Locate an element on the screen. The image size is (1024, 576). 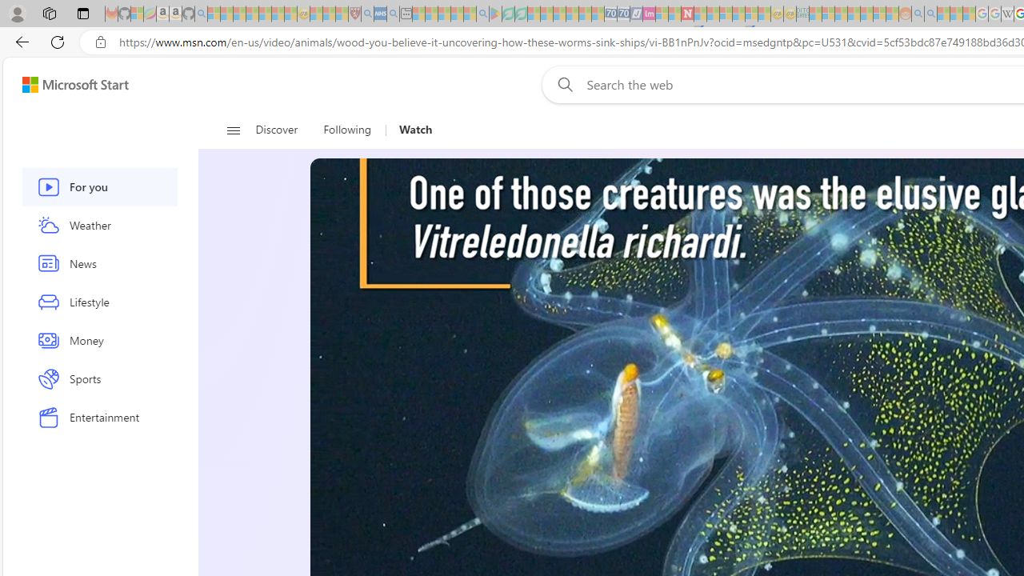
'Target page - Wikipedia - Sleeping' is located at coordinates (1006, 14).